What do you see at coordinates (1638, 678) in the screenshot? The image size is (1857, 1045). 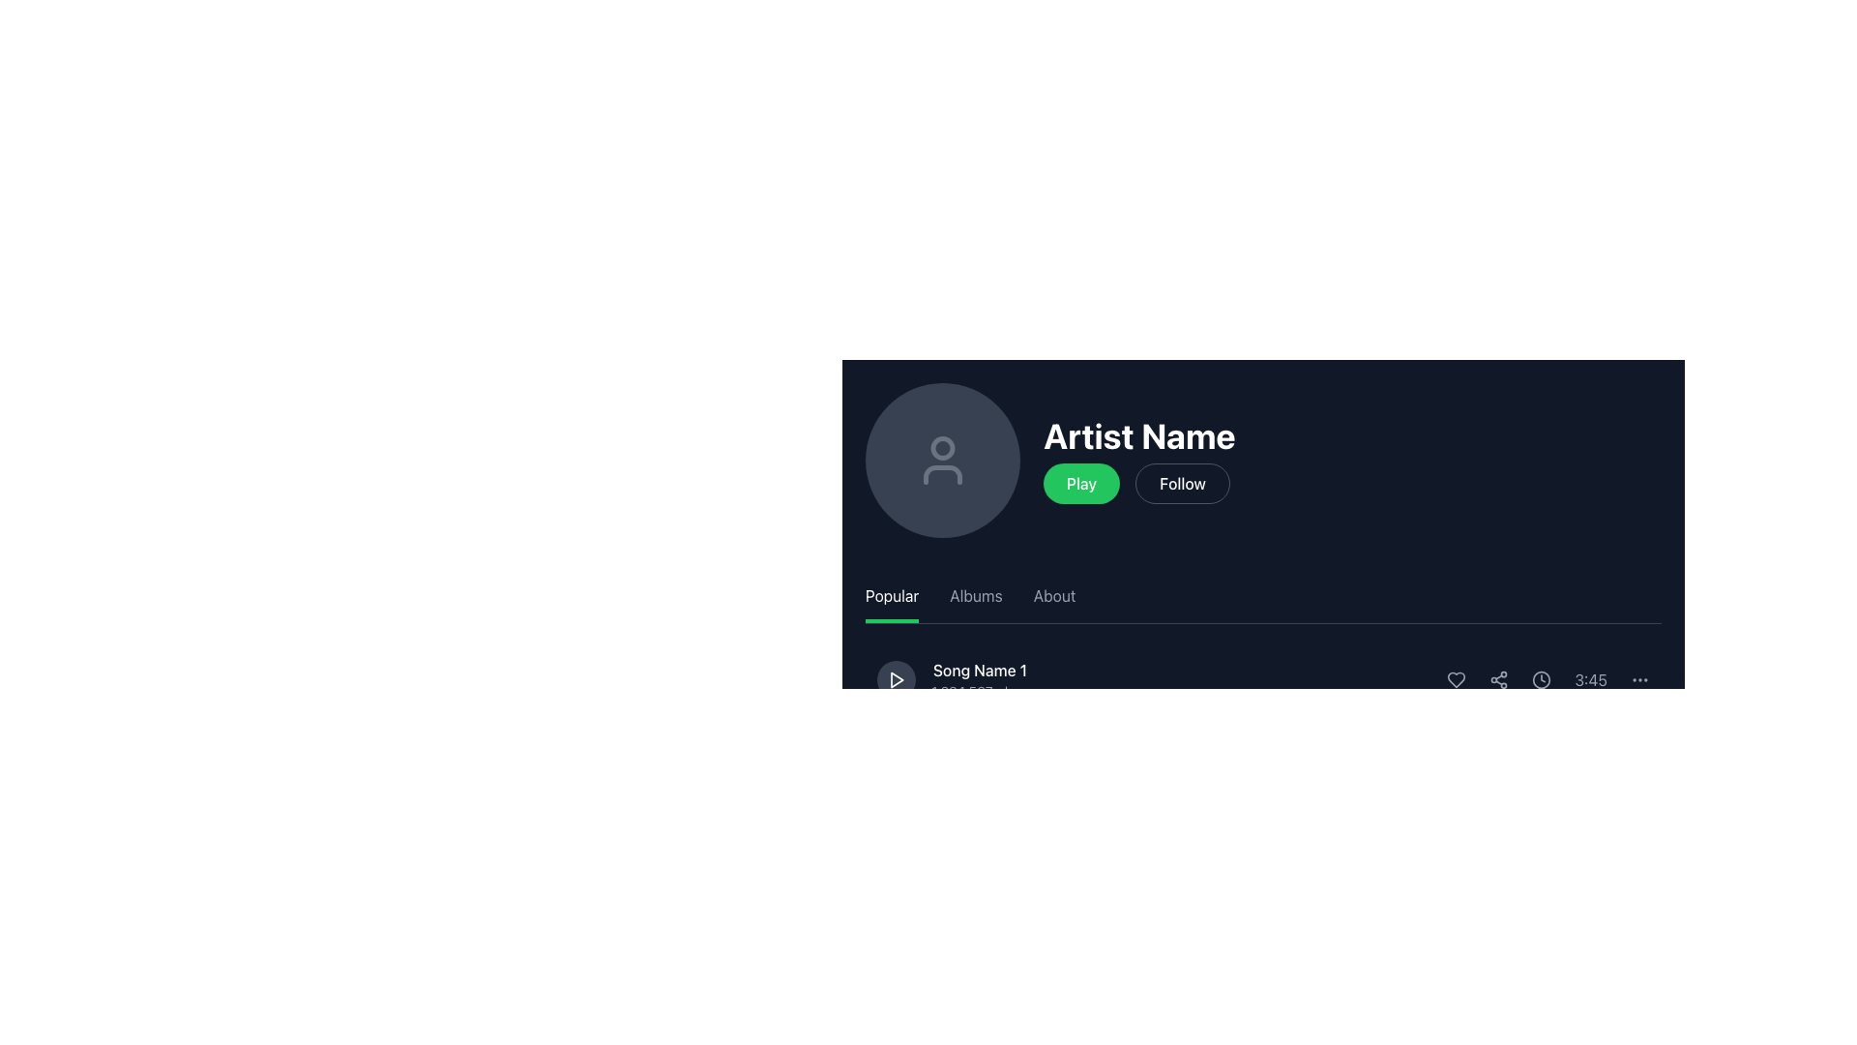 I see `the Icon button located at the bottom right corner of the interface, adjacent to the timestamp '3:45', which triggers additional actions or options` at bounding box center [1638, 678].